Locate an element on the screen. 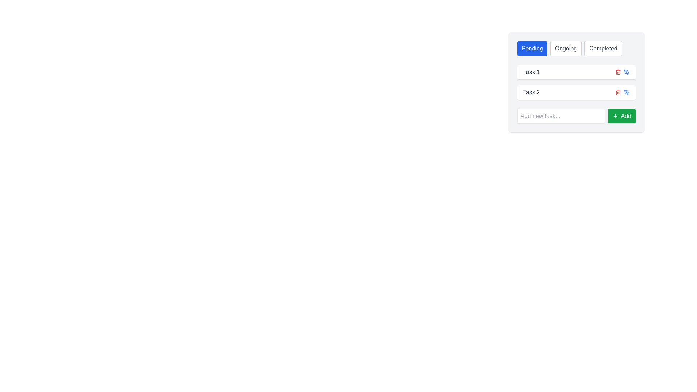  the interactive blue pen tool icon button located in the top-right portion of the interface, near 'Task 2' is located at coordinates (627, 92).